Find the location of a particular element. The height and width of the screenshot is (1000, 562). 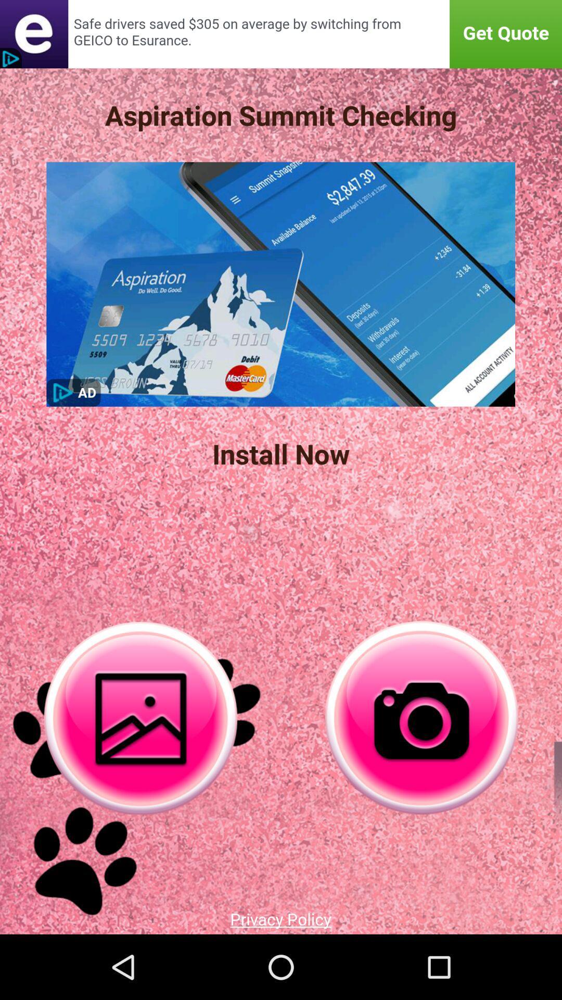

advertisements is located at coordinates (281, 34).